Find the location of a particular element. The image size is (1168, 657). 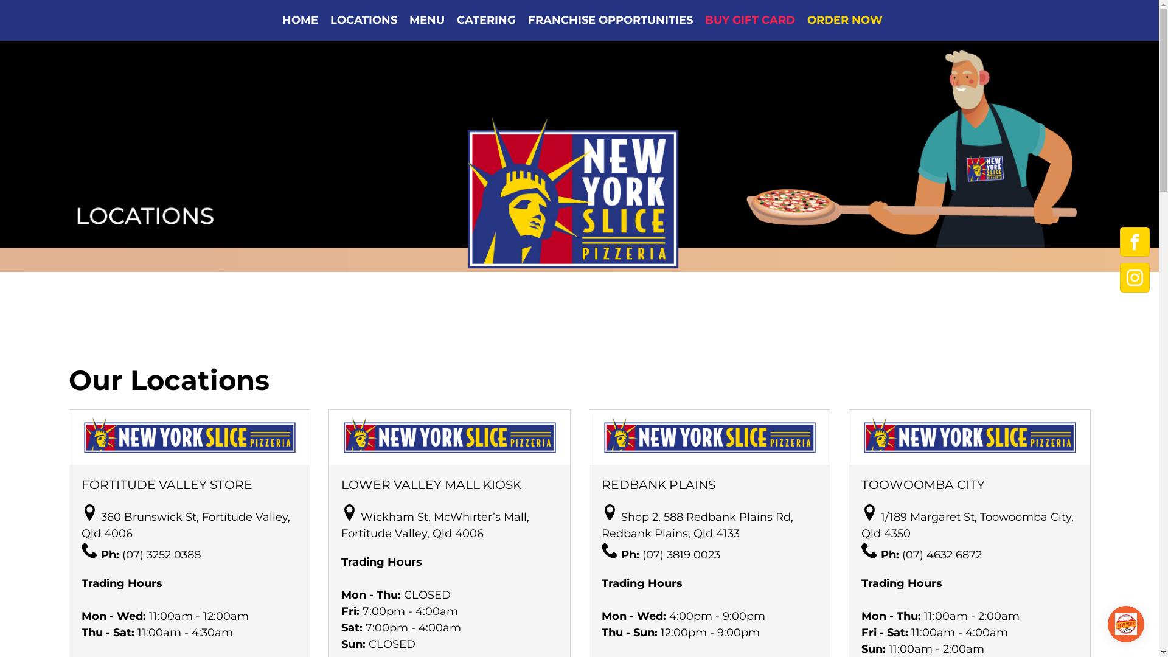

'ORDER NOW' is located at coordinates (801, 20).